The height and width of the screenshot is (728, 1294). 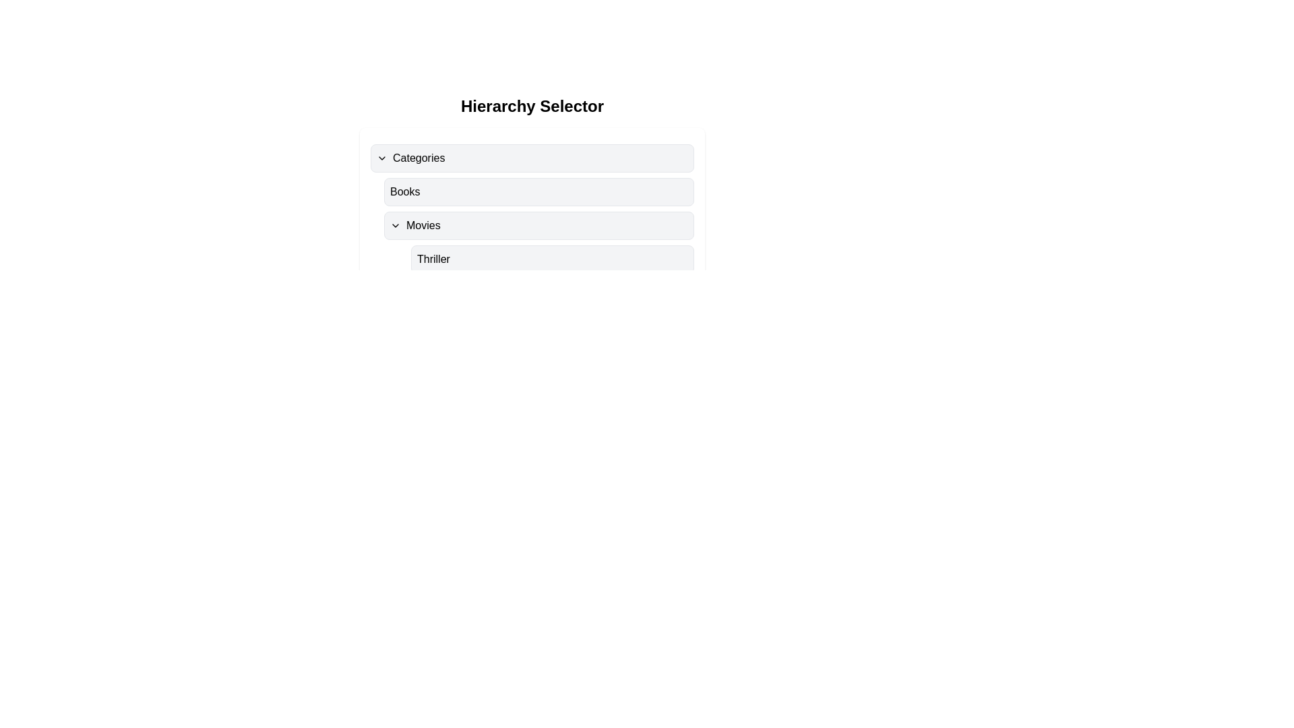 What do you see at coordinates (532, 106) in the screenshot?
I see `Text header label at the top of the hierarchical selector interface to understand its purpose` at bounding box center [532, 106].